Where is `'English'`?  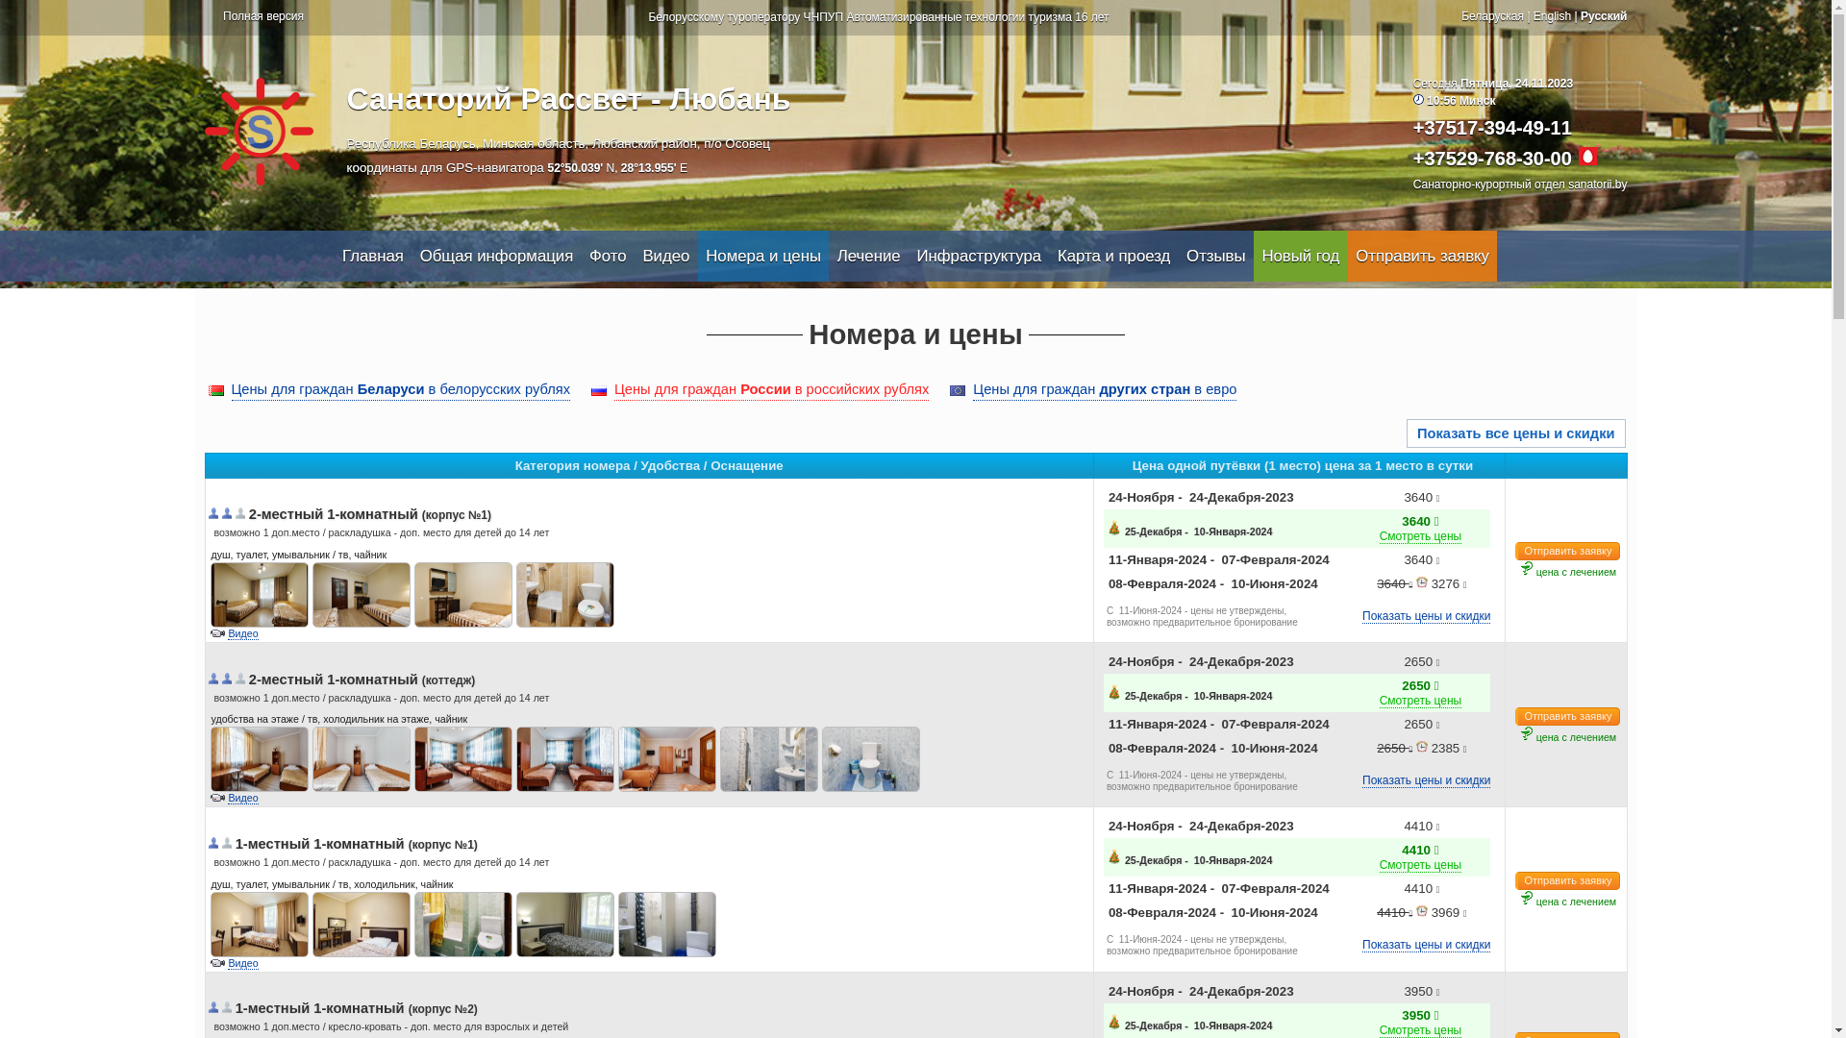
'English' is located at coordinates (1552, 15).